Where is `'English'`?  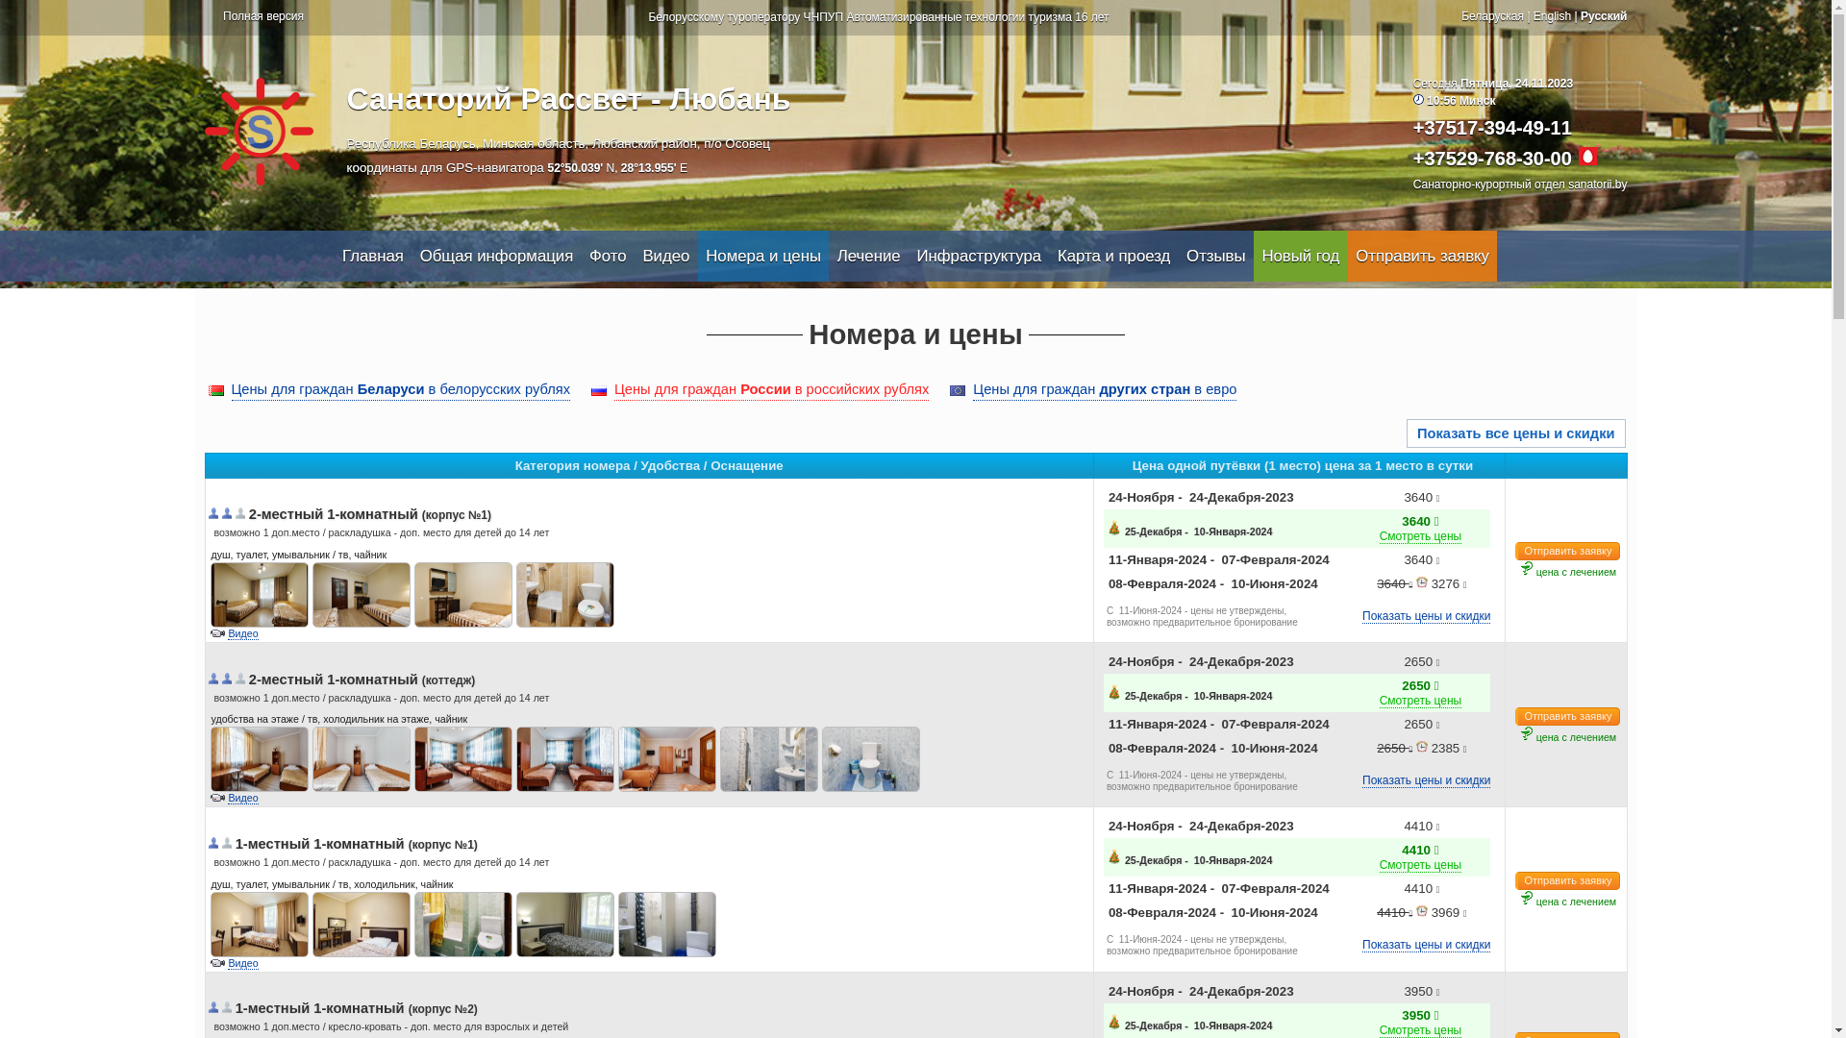
'English' is located at coordinates (1552, 15).